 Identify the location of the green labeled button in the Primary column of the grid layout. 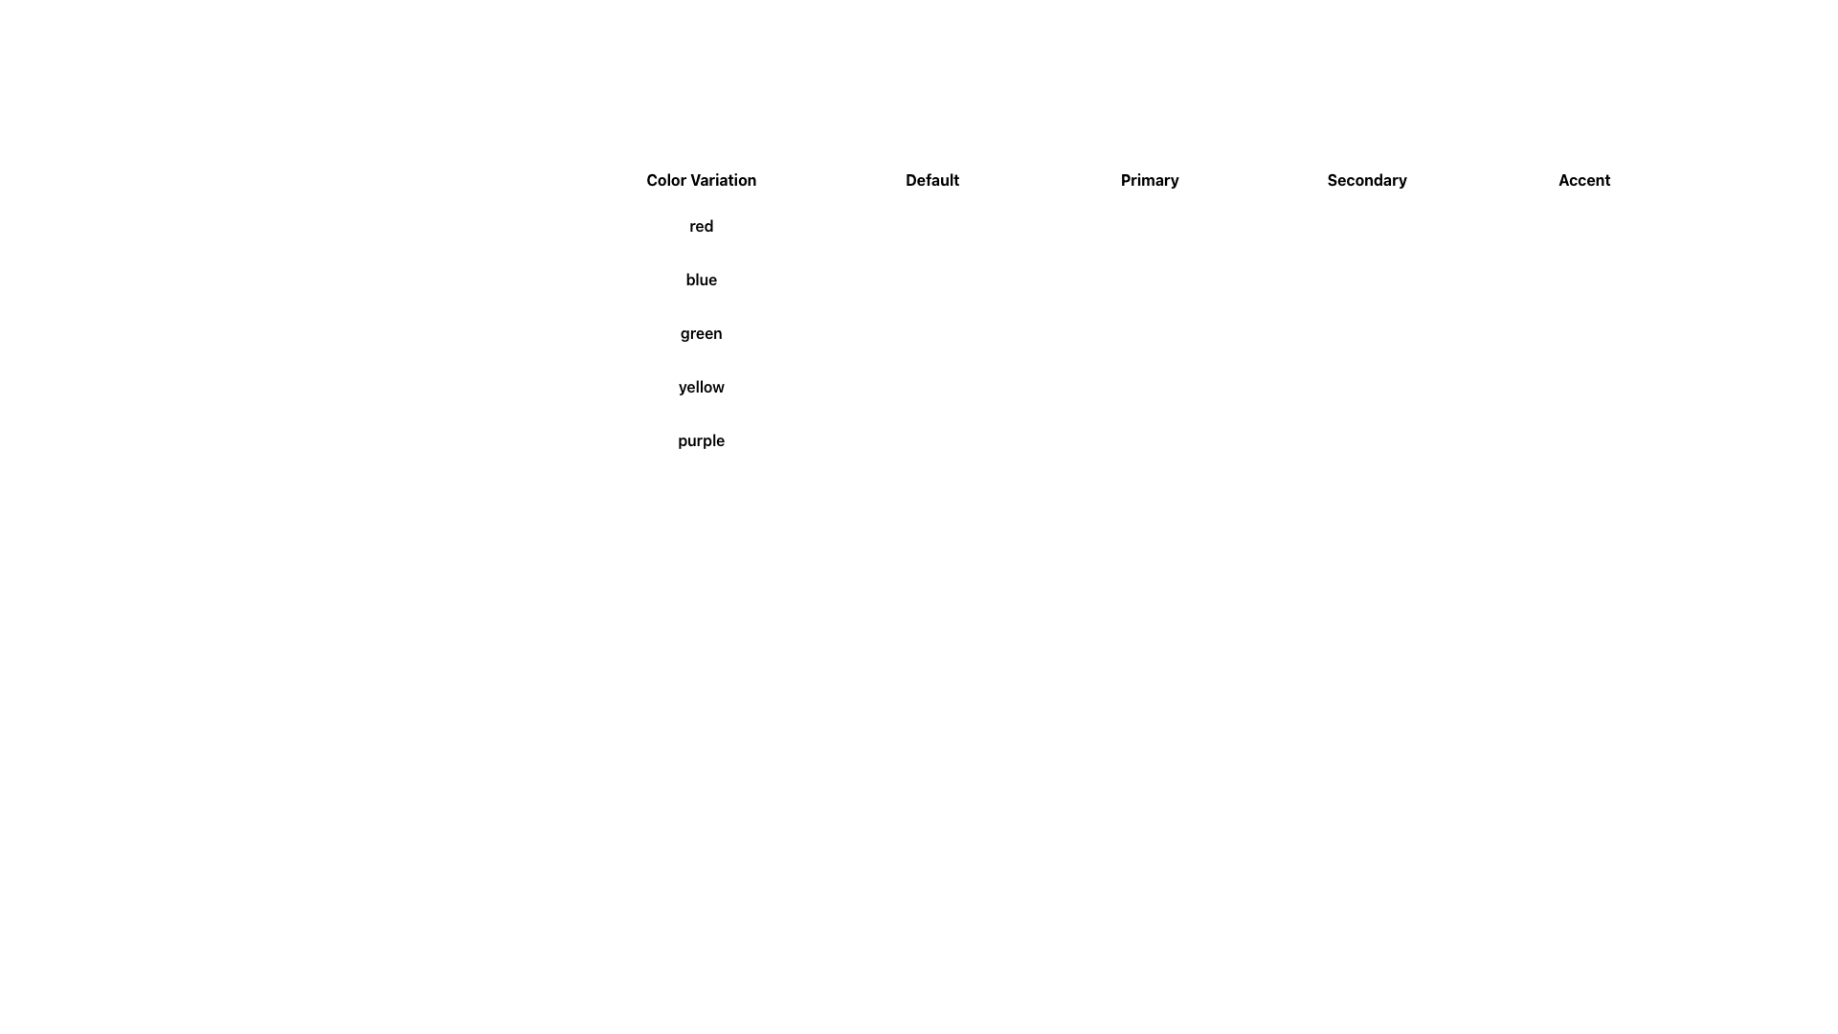
(1101, 331).